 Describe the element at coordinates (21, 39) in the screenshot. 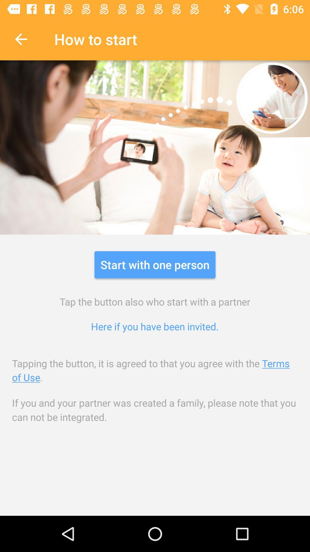

I see `icon to the left of the how to start icon` at that location.